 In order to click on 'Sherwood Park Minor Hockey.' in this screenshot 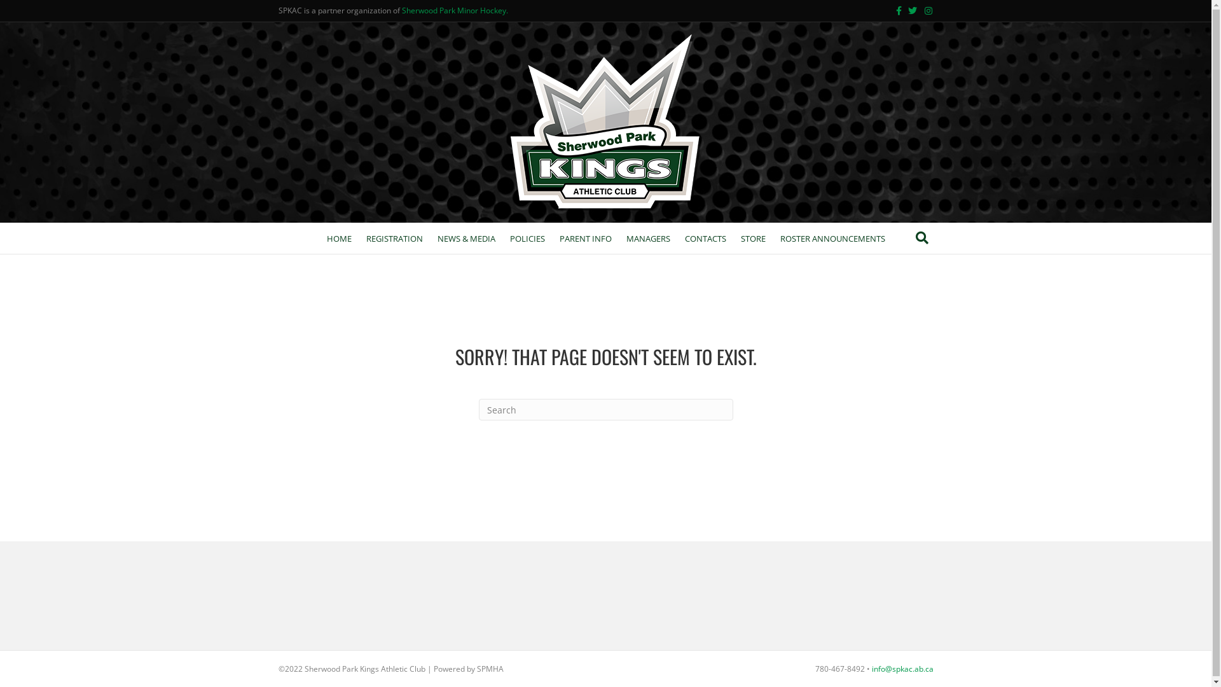, I will do `click(455, 10)`.